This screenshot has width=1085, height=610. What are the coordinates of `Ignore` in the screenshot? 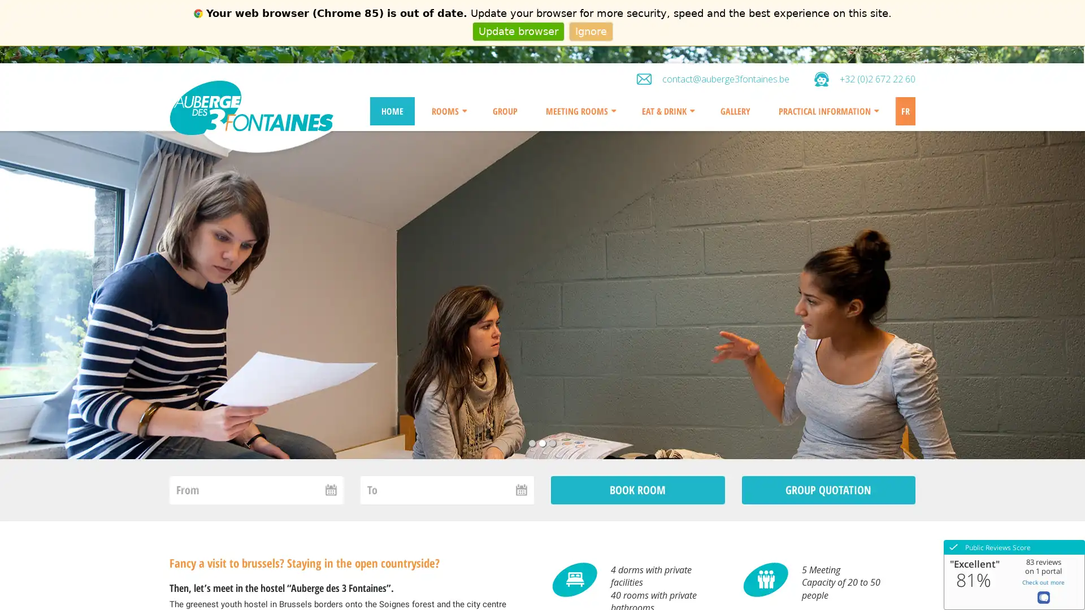 It's located at (590, 30).